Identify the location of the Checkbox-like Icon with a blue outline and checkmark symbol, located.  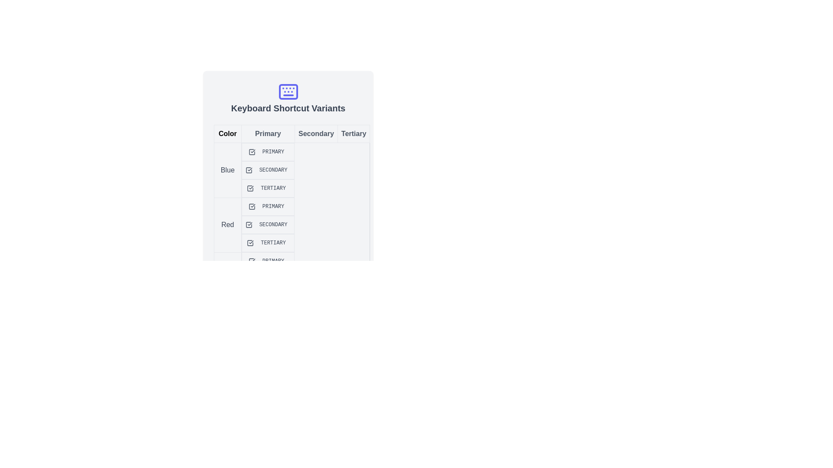
(248, 170).